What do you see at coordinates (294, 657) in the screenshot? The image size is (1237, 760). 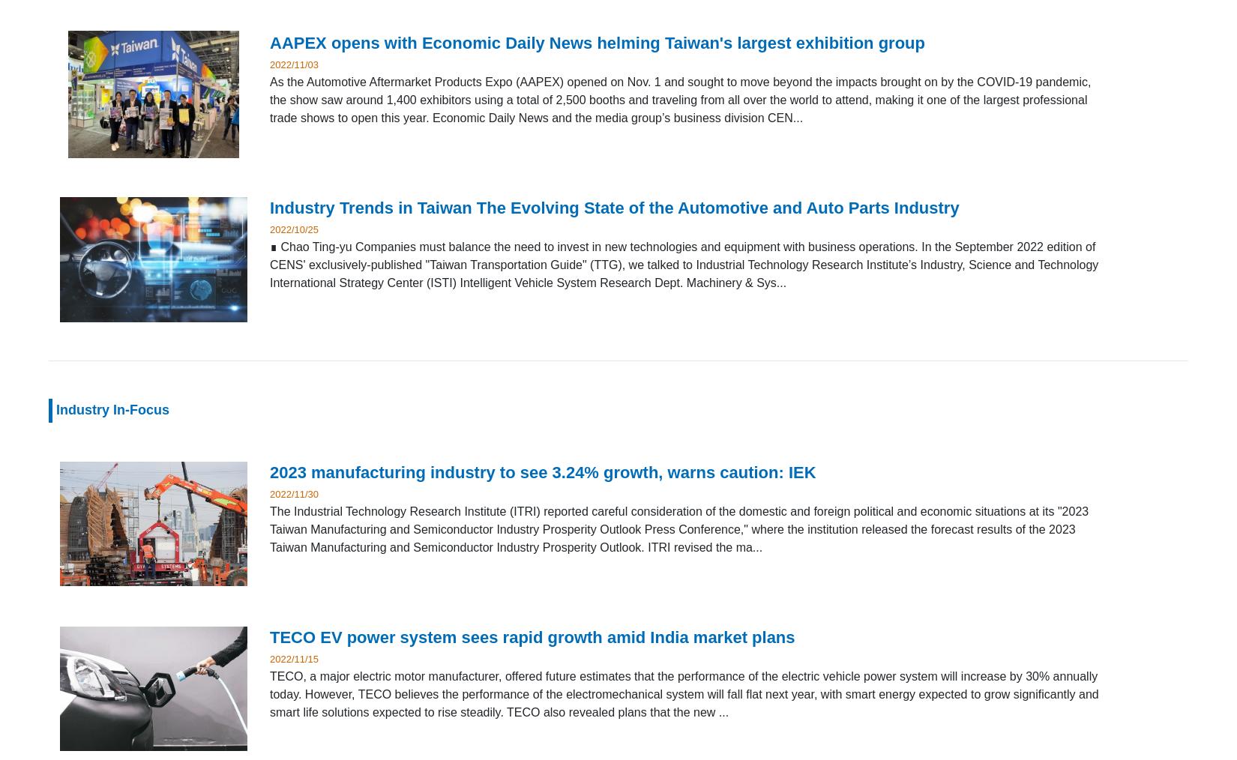 I see `'2022/11/15'` at bounding box center [294, 657].